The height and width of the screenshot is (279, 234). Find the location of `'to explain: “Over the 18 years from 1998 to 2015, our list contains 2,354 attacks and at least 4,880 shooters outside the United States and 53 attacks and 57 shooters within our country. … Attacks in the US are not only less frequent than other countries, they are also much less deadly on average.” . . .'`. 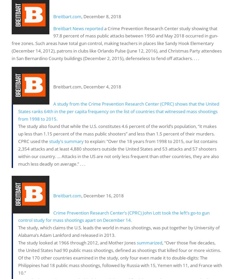

'to explain: “Over the 18 years from 1998 to 2015, our list contains 2,354 attacks and at least 4,880 shooters outside the United States and 53 attacks and 57 shooters within our country. … Attacks in the US are not only less frequent than other countries, they are also much less deadly on average.” . . .' is located at coordinates (118, 152).